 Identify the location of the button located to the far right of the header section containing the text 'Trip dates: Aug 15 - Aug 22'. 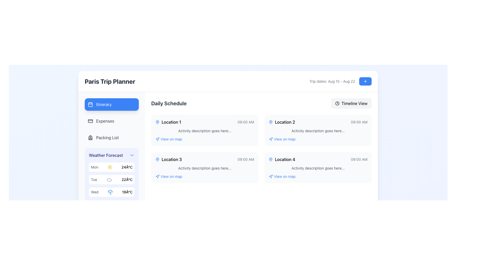
(365, 81).